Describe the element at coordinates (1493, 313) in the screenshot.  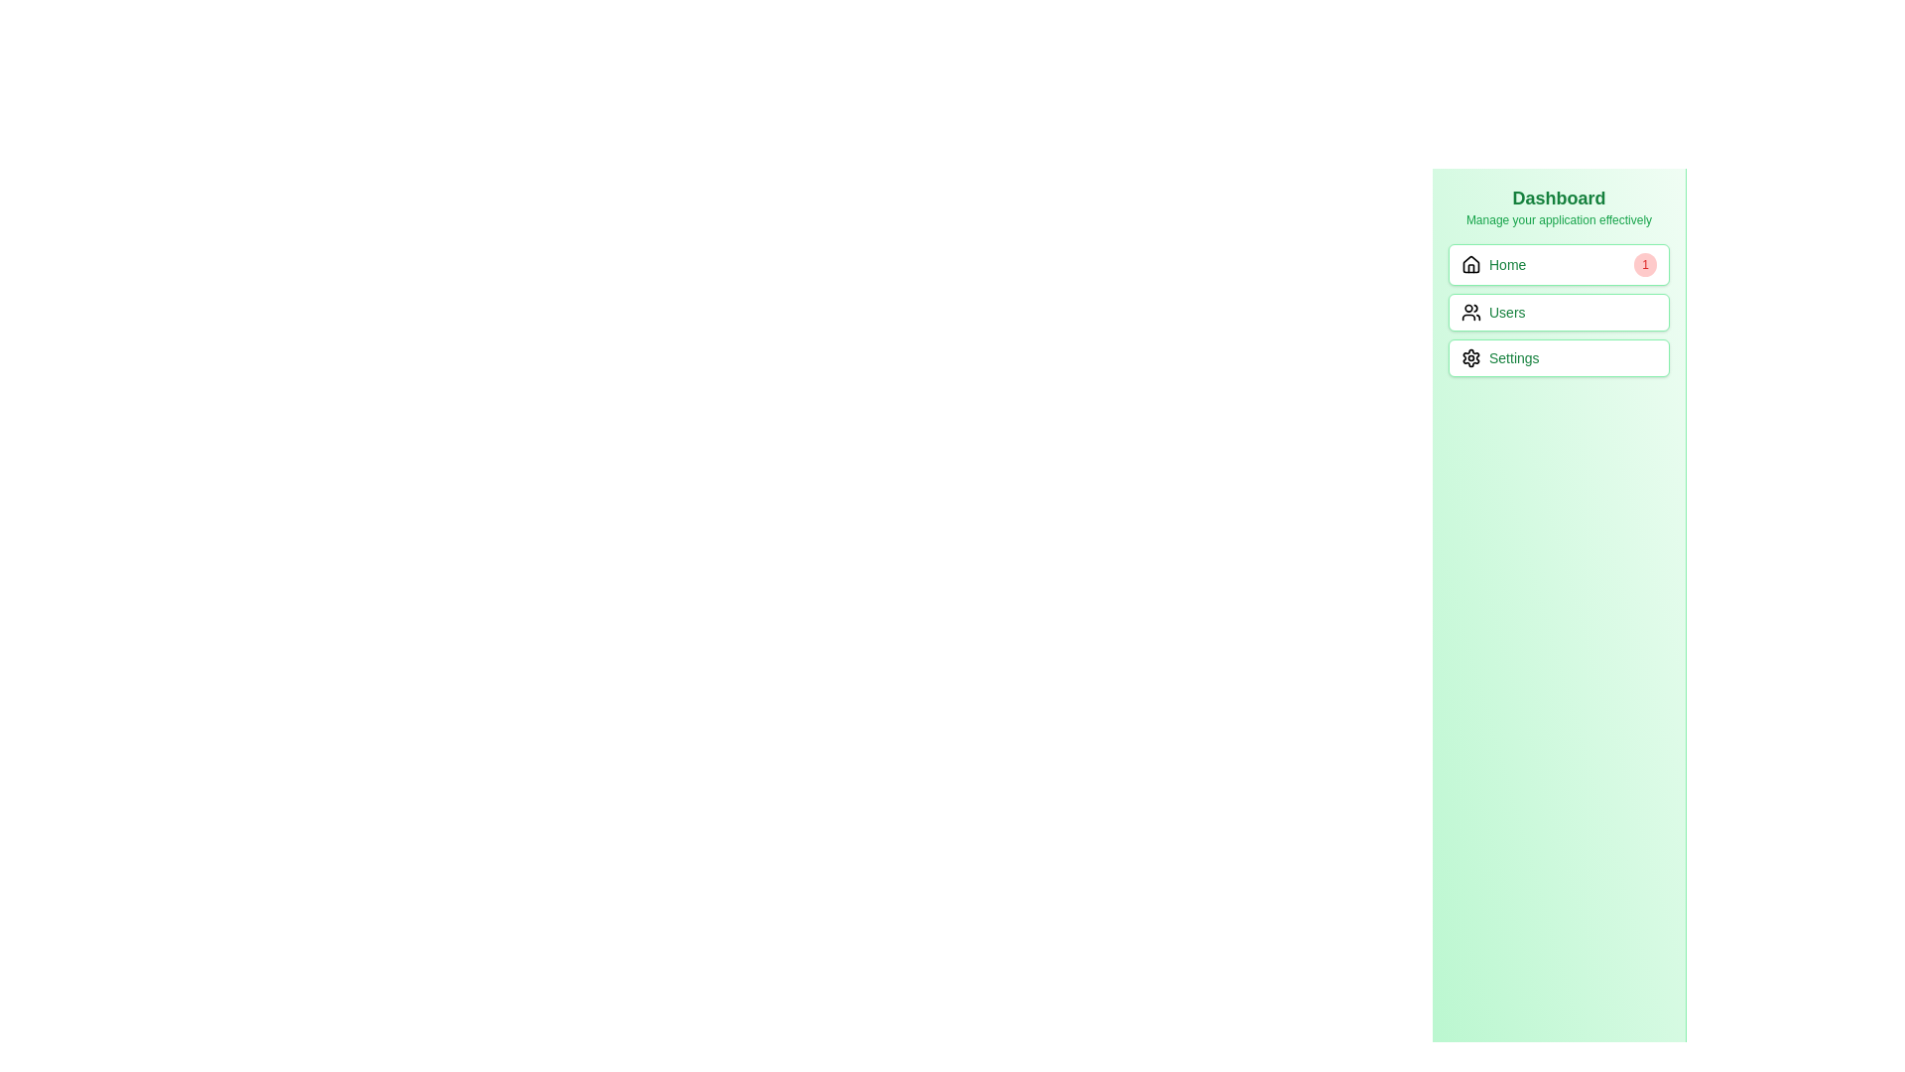
I see `the Text label that identifies the 'Users' menu item, which is located in the vertical menu between 'Home' and 'Settings' and next to a user avatar icon` at that location.